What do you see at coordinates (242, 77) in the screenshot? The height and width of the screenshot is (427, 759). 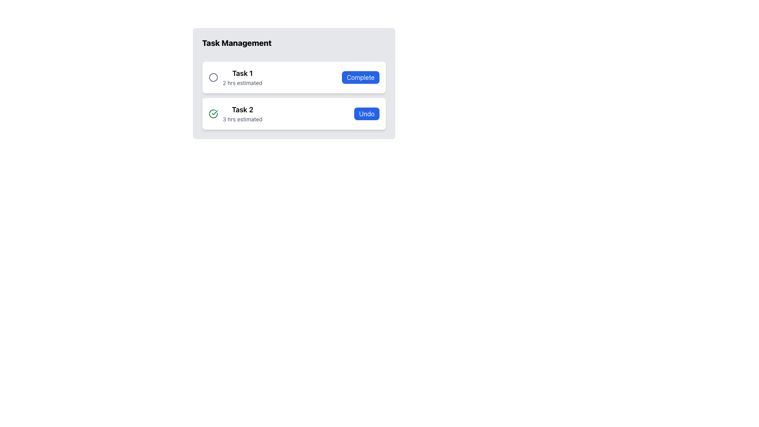 I see `the text label 'Task 1' which is in bold and displays '2 hrs estimated' underneath, located in the 'Task Management' section as part of the top task item` at bounding box center [242, 77].